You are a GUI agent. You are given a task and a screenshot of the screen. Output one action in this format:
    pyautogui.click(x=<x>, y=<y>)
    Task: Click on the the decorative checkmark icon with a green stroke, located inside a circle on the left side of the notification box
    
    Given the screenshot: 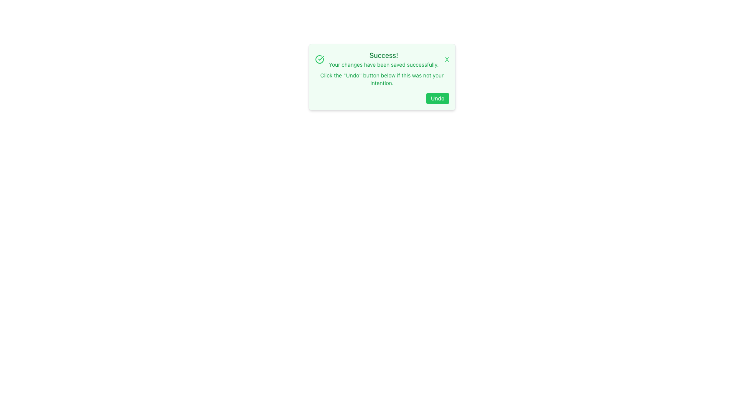 What is the action you would take?
    pyautogui.click(x=320, y=58)
    